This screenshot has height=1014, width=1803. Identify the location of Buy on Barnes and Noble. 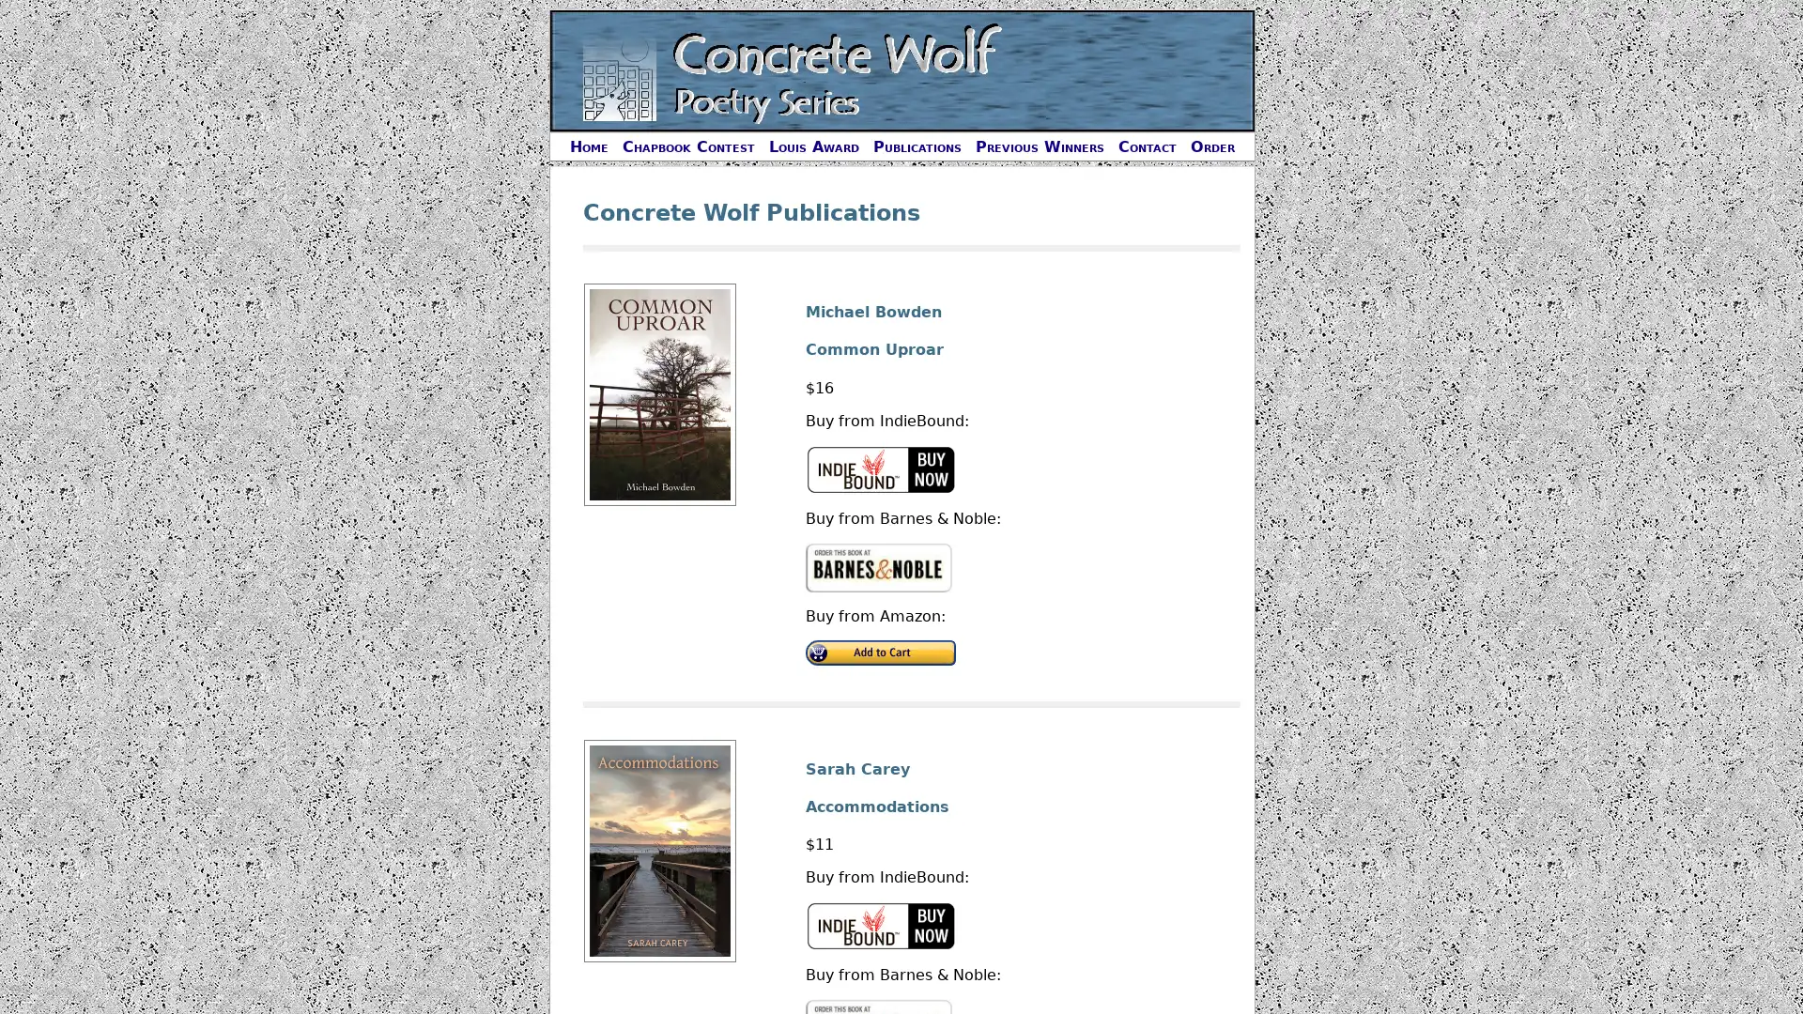
(879, 566).